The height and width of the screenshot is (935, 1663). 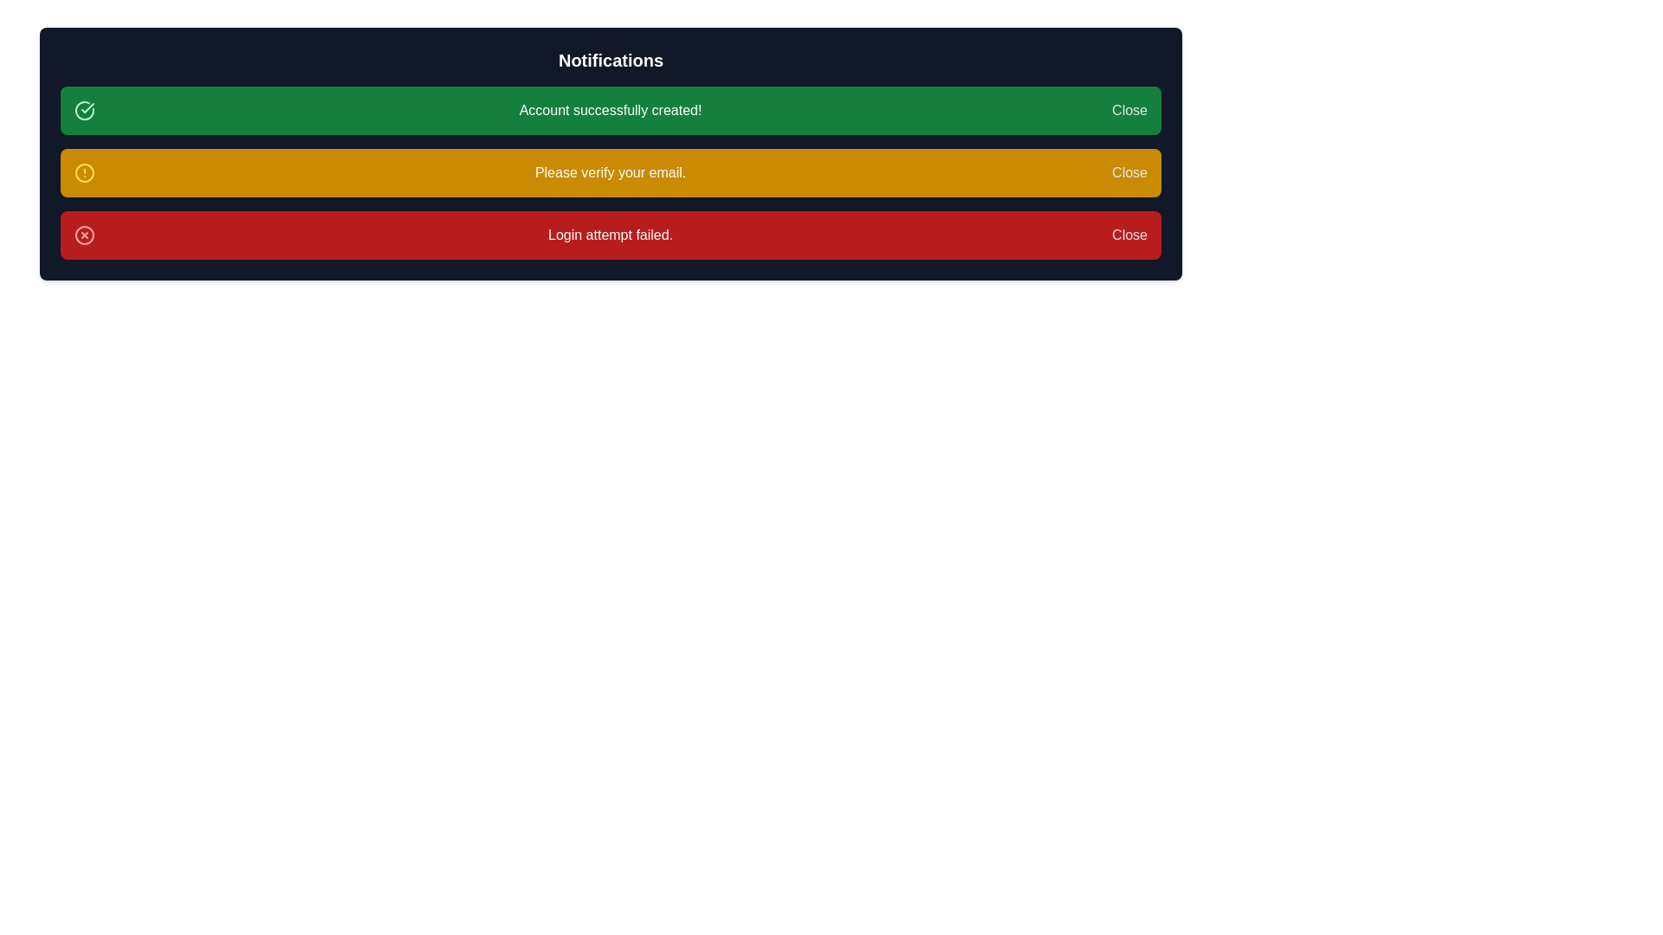 I want to click on the text label that states 'Account successfully created!', which is styled with a green background and white font, located in the first notification bar, so click(x=611, y=110).